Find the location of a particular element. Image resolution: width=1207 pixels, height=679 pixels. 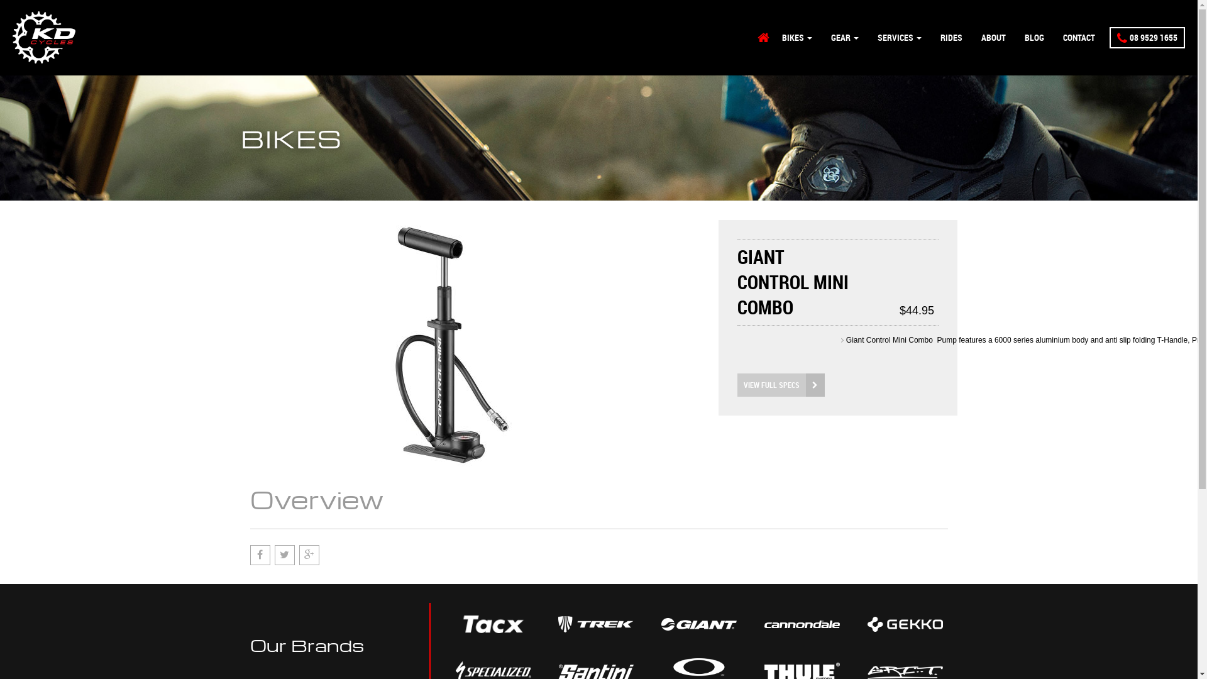

'HOME' is located at coordinates (763, 37).